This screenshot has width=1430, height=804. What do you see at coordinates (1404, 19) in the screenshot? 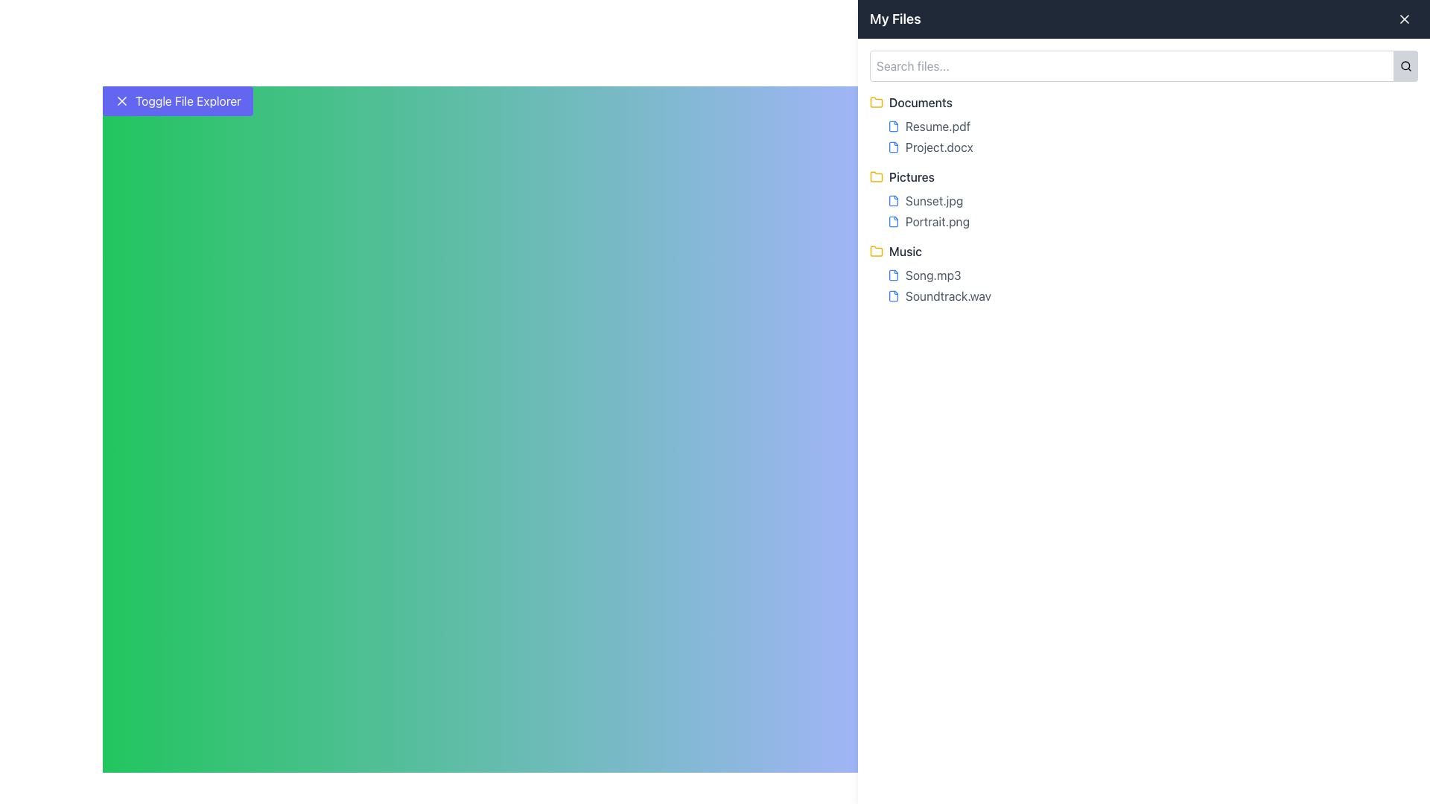
I see `the circular button with a cross (X) icon located at the top-right corner of the 'My Files' panel to observe the hover background effect` at bounding box center [1404, 19].